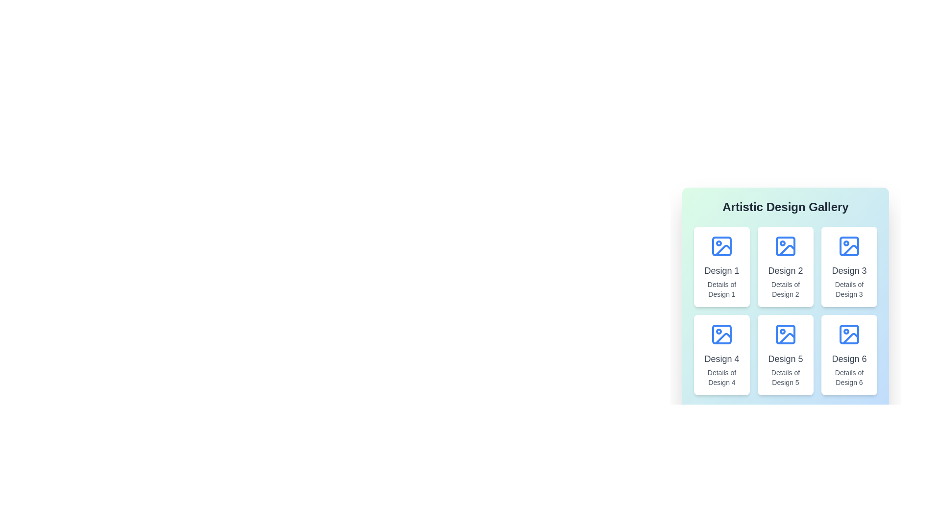 The image size is (941, 529). Describe the element at coordinates (786, 289) in the screenshot. I see `text label displaying 'Details of Design 2', which is styled in a smaller, gray font and located below the main title 'Design 2'` at that location.